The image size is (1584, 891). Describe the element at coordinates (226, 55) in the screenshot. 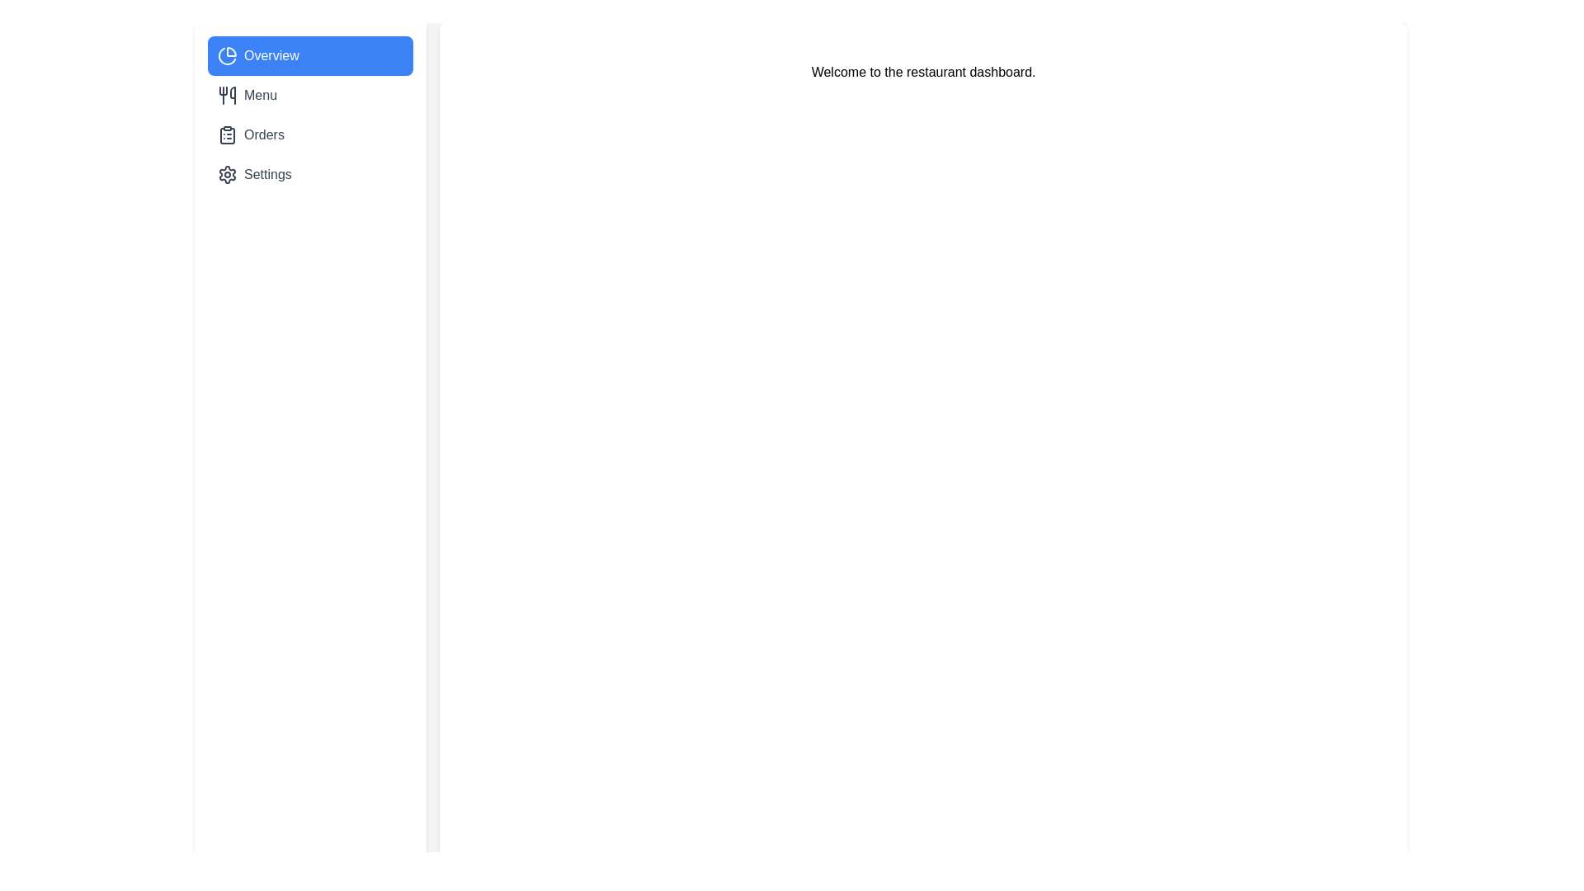

I see `the second segment of the pie chart-like icon located in the sidebar menu next to the 'Overview' label, which is styled in black on a white background` at that location.